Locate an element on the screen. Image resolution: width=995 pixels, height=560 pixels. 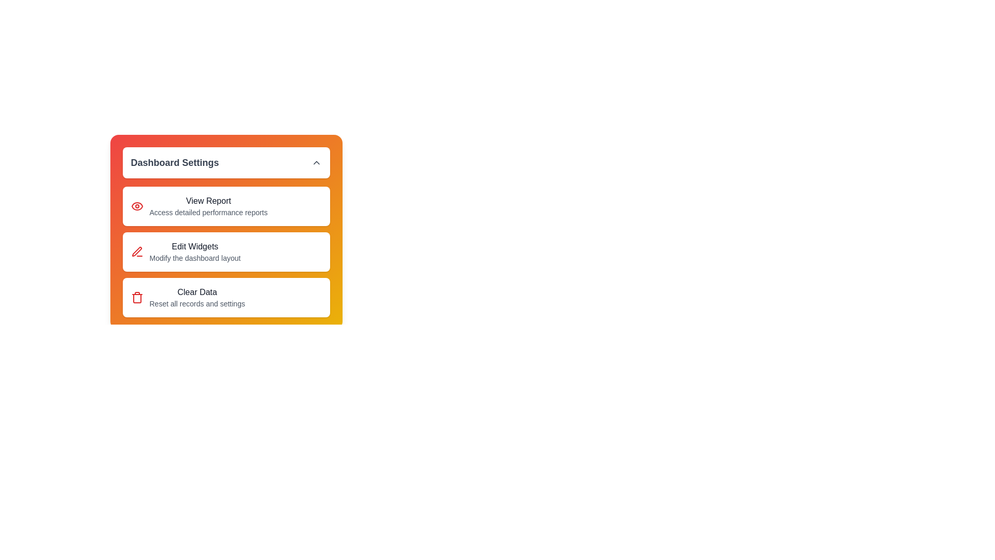
the menu option Clear Data is located at coordinates (225, 298).